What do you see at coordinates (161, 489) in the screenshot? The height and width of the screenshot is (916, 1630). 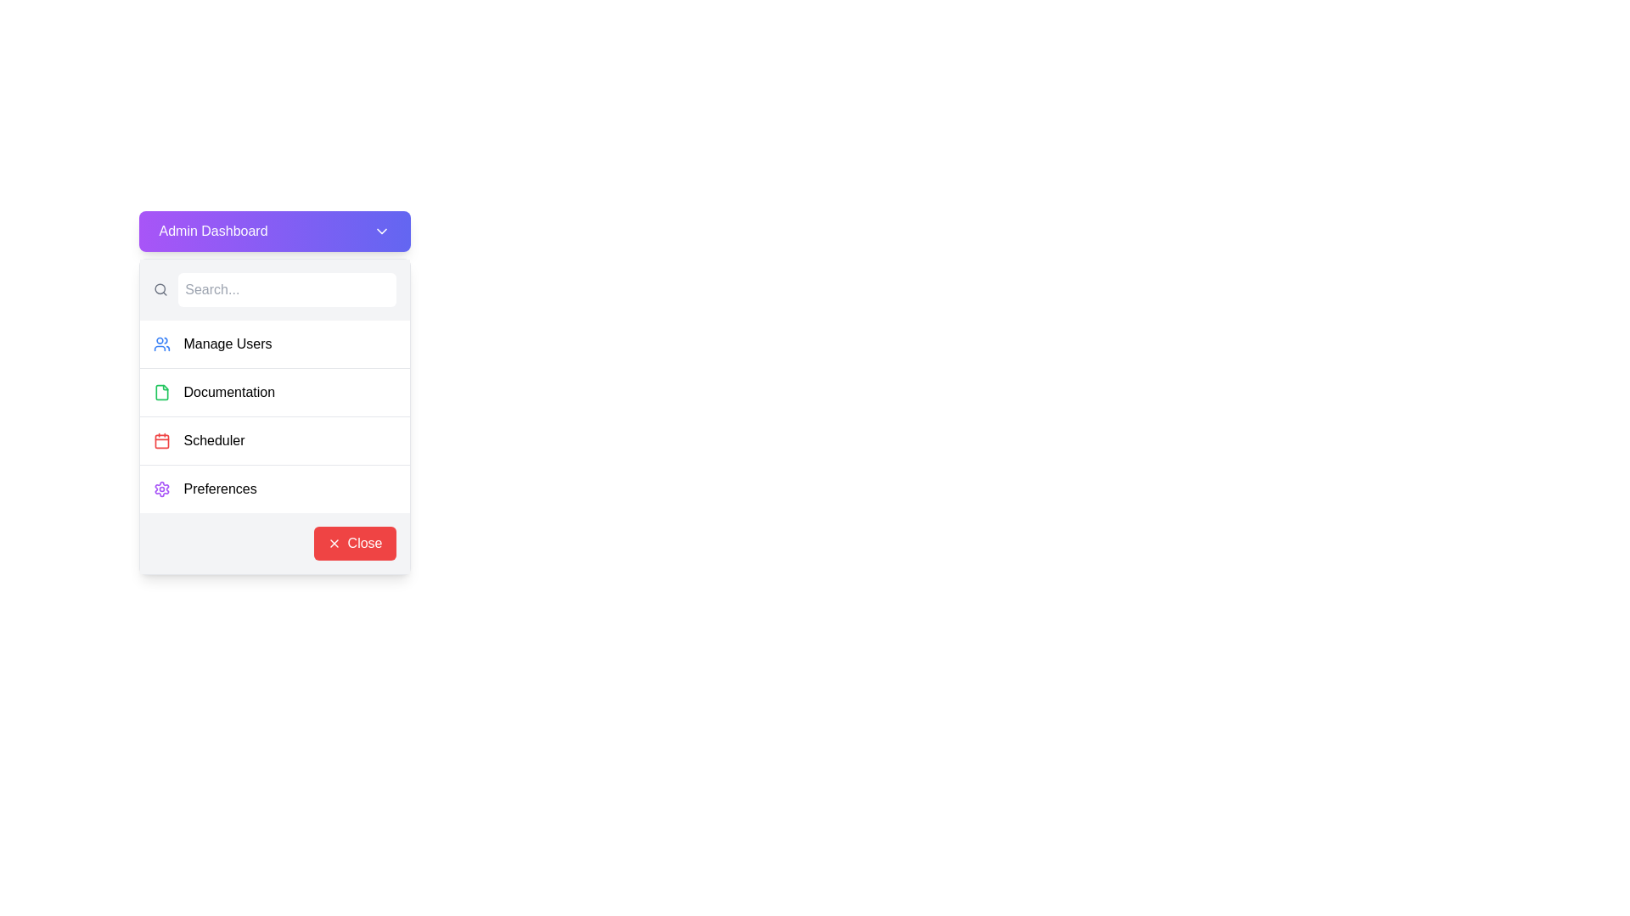 I see `the visual indicator icon for the 'Preferences' menu item, which is located to the left of the text 'Preferences' in the dropdown menu` at bounding box center [161, 489].